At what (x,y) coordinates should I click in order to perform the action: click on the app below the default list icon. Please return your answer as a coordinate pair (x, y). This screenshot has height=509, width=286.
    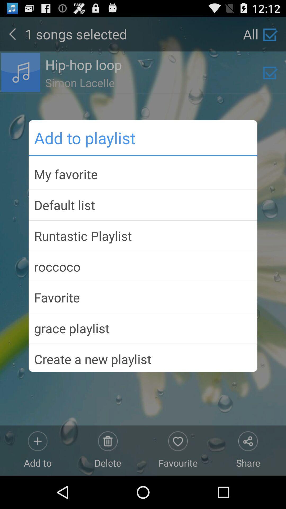
    Looking at the image, I should click on (143, 235).